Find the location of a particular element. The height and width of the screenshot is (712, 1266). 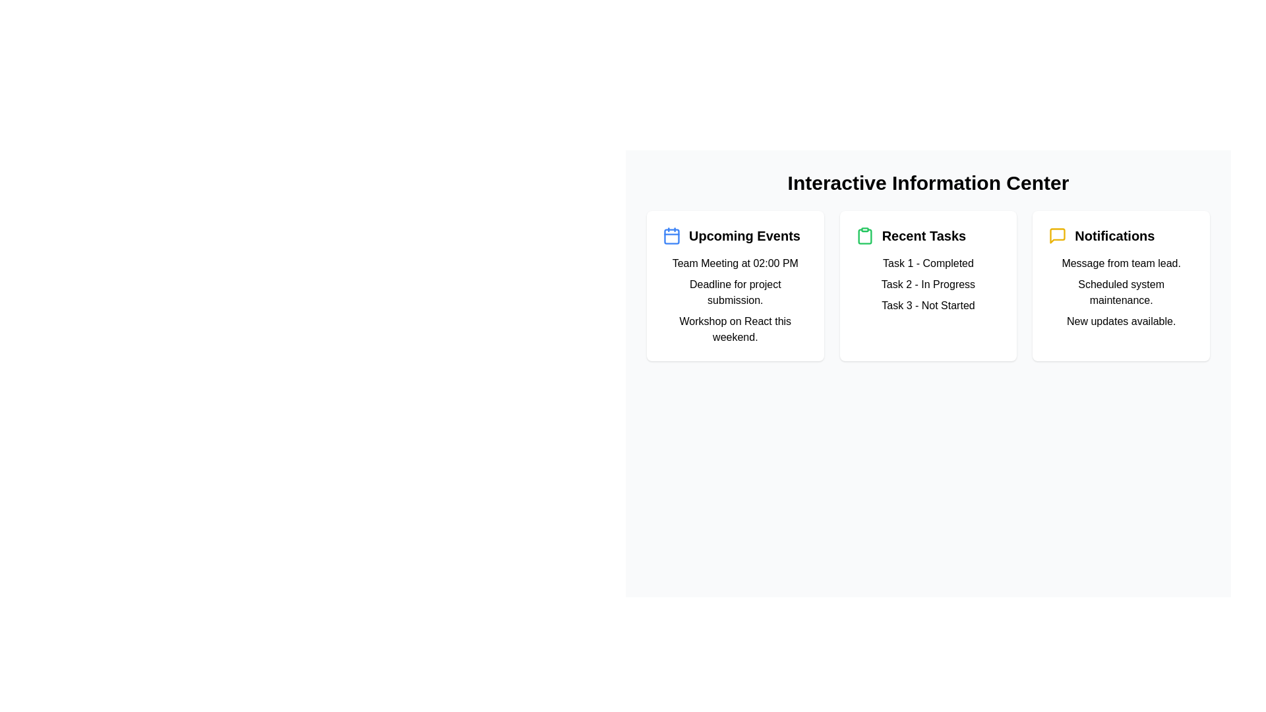

the notifications icon located at the top-right corner of the Notifications card is located at coordinates (1058, 235).